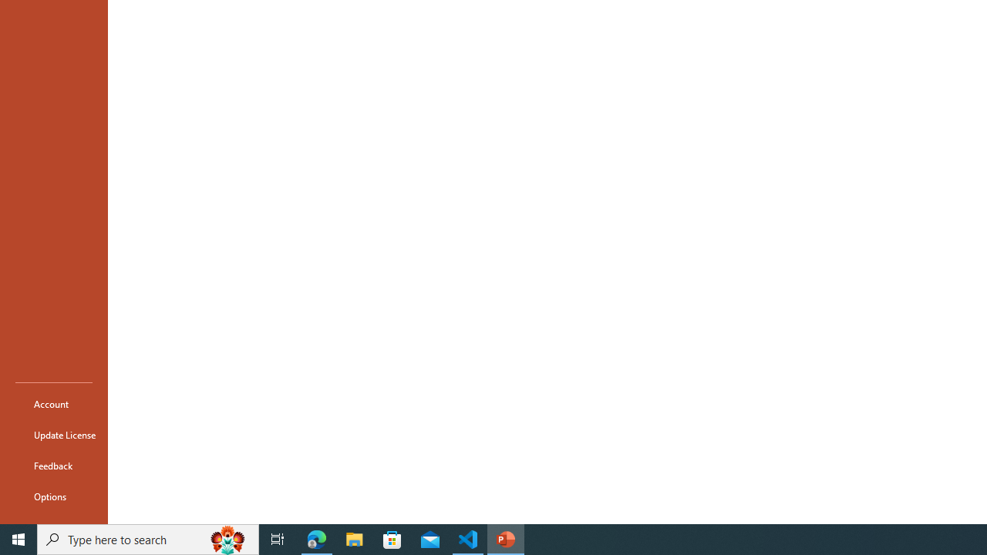 This screenshot has width=987, height=555. Describe the element at coordinates (53, 403) in the screenshot. I see `'Account'` at that location.